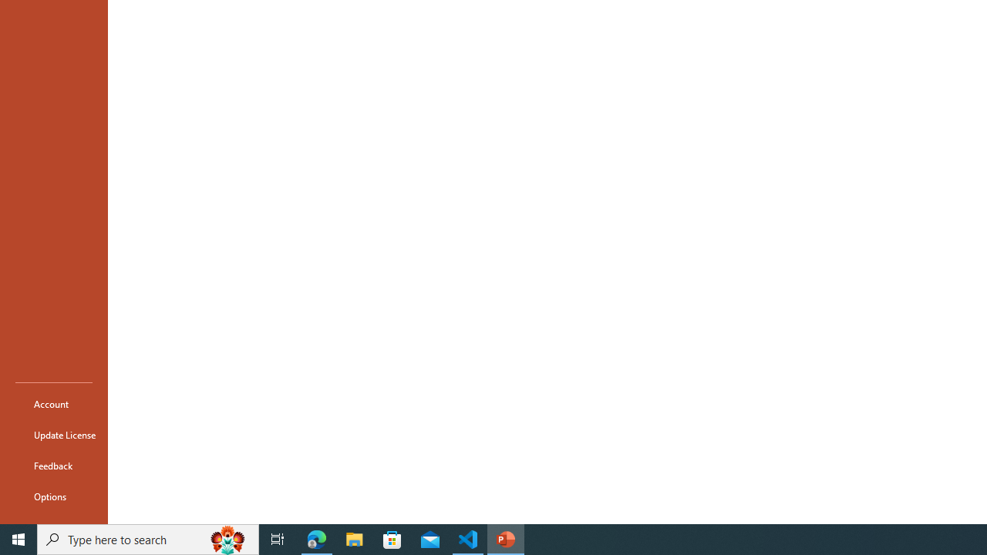 This screenshot has width=987, height=555. Describe the element at coordinates (53, 403) in the screenshot. I see `'Account'` at that location.